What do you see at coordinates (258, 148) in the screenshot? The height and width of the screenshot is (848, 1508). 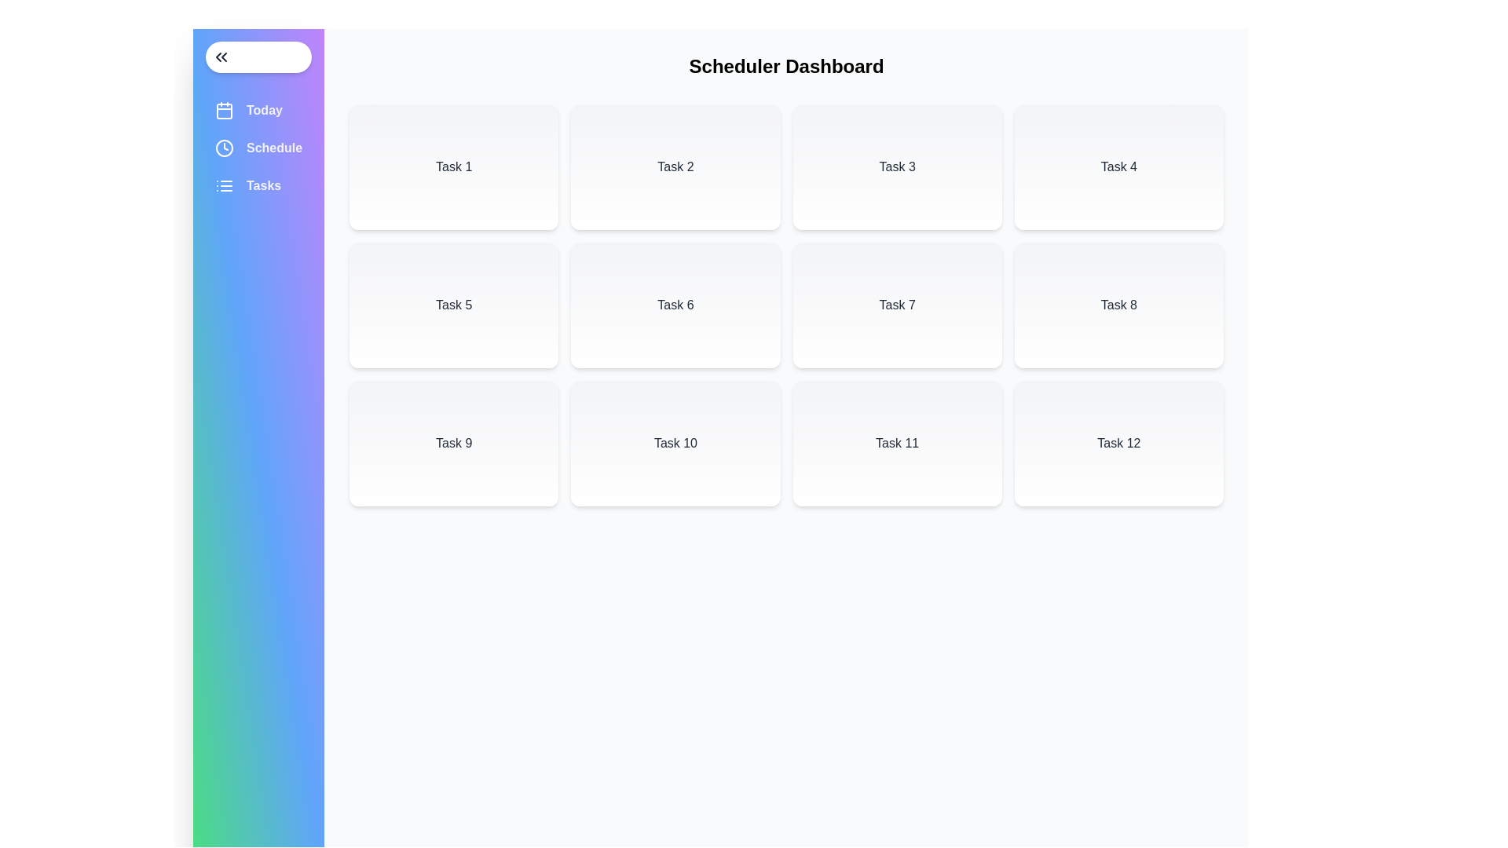 I see `the 'Schedule' menu item` at bounding box center [258, 148].